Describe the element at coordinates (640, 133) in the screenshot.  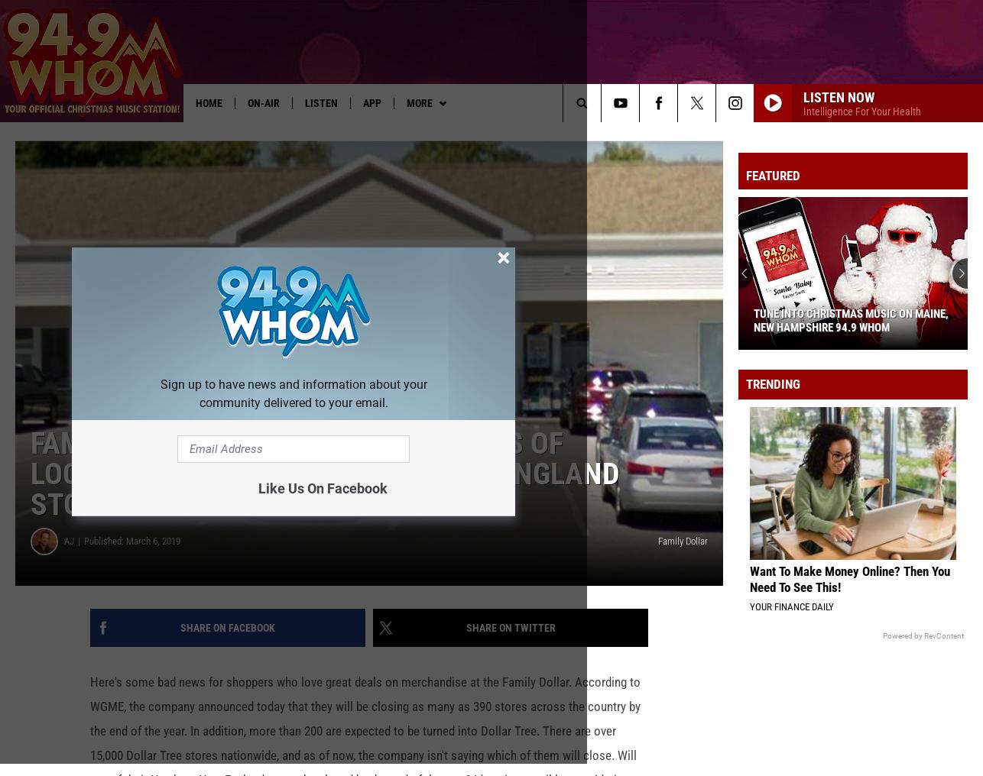
I see `'TSO in Philly'` at that location.